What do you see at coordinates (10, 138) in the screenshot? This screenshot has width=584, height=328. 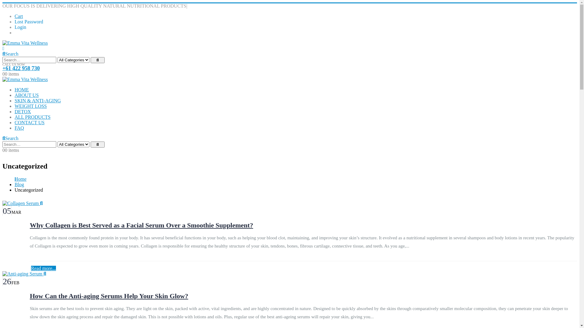 I see `'Search'` at bounding box center [10, 138].